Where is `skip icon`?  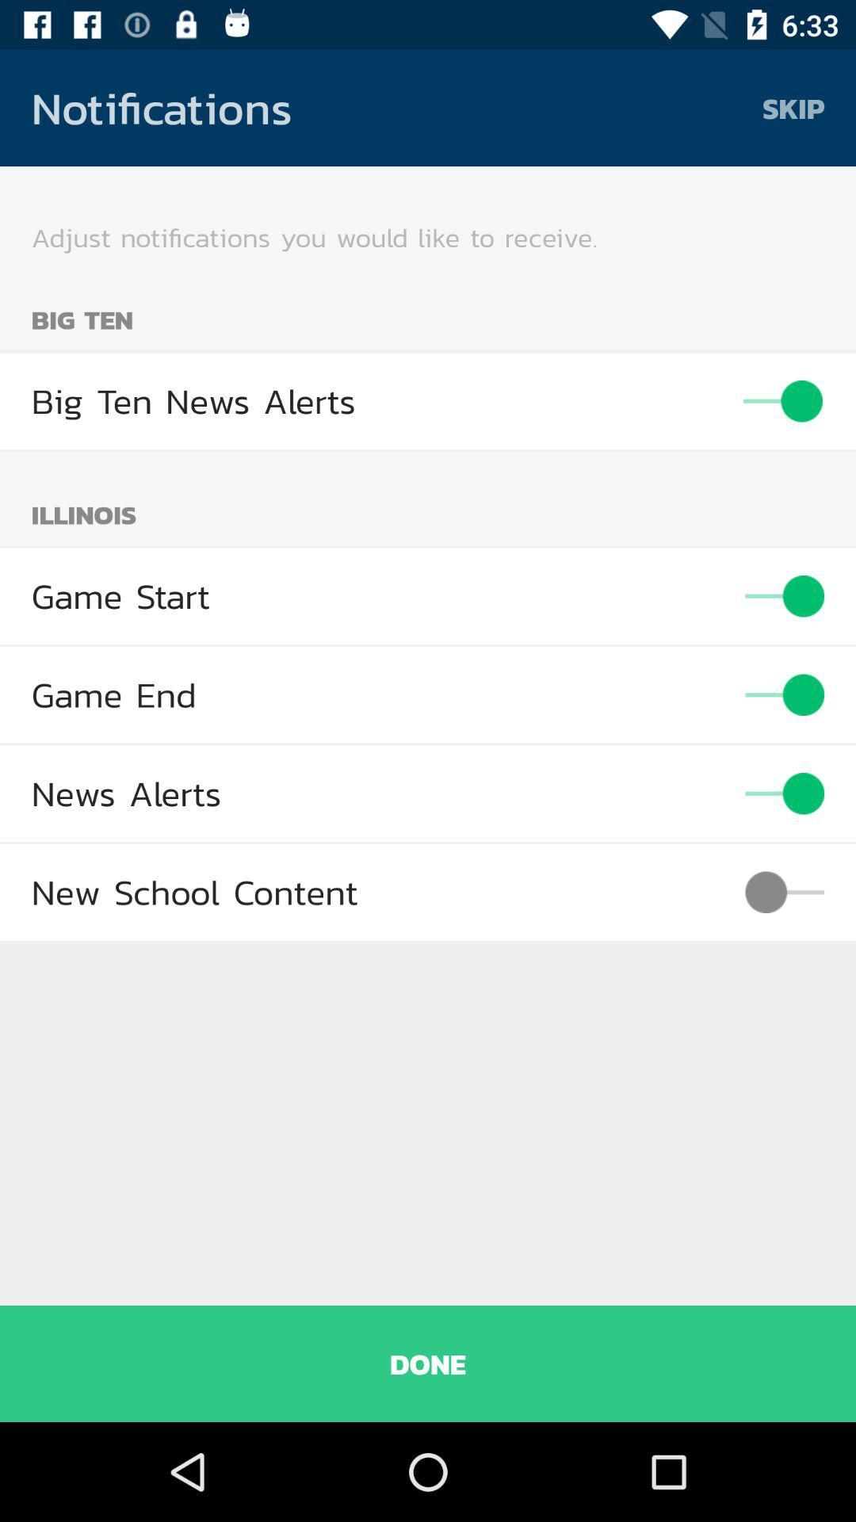 skip icon is located at coordinates (793, 107).